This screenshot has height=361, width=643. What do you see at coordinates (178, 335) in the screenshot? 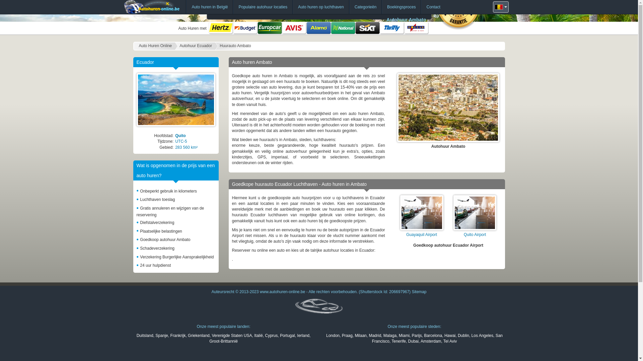
I see `'Frankrijk'` at bounding box center [178, 335].